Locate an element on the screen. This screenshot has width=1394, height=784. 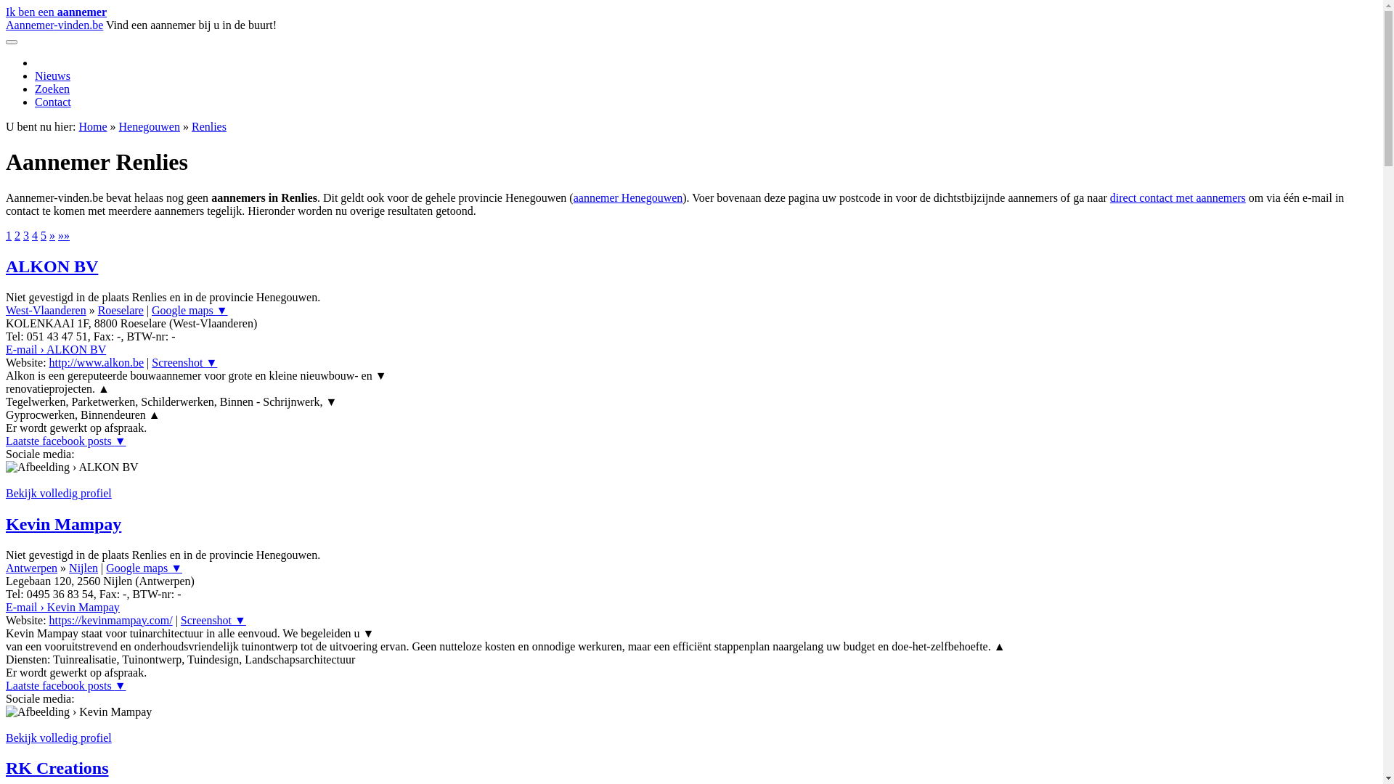
'Ik ben een aannemer' is located at coordinates (56, 12).